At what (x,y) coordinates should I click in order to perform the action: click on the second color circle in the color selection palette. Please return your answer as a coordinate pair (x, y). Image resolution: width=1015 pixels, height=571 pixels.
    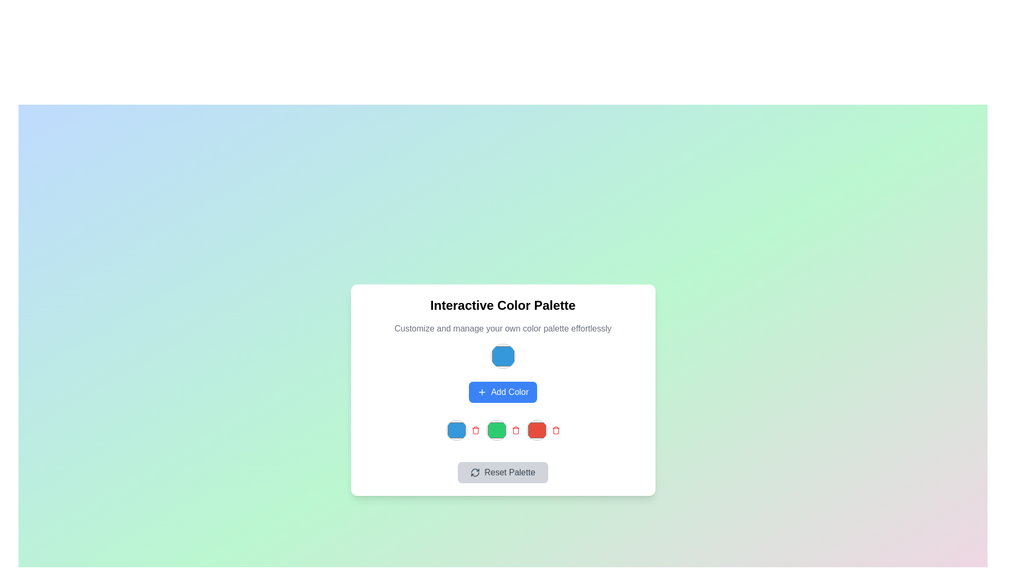
    Looking at the image, I should click on (502, 430).